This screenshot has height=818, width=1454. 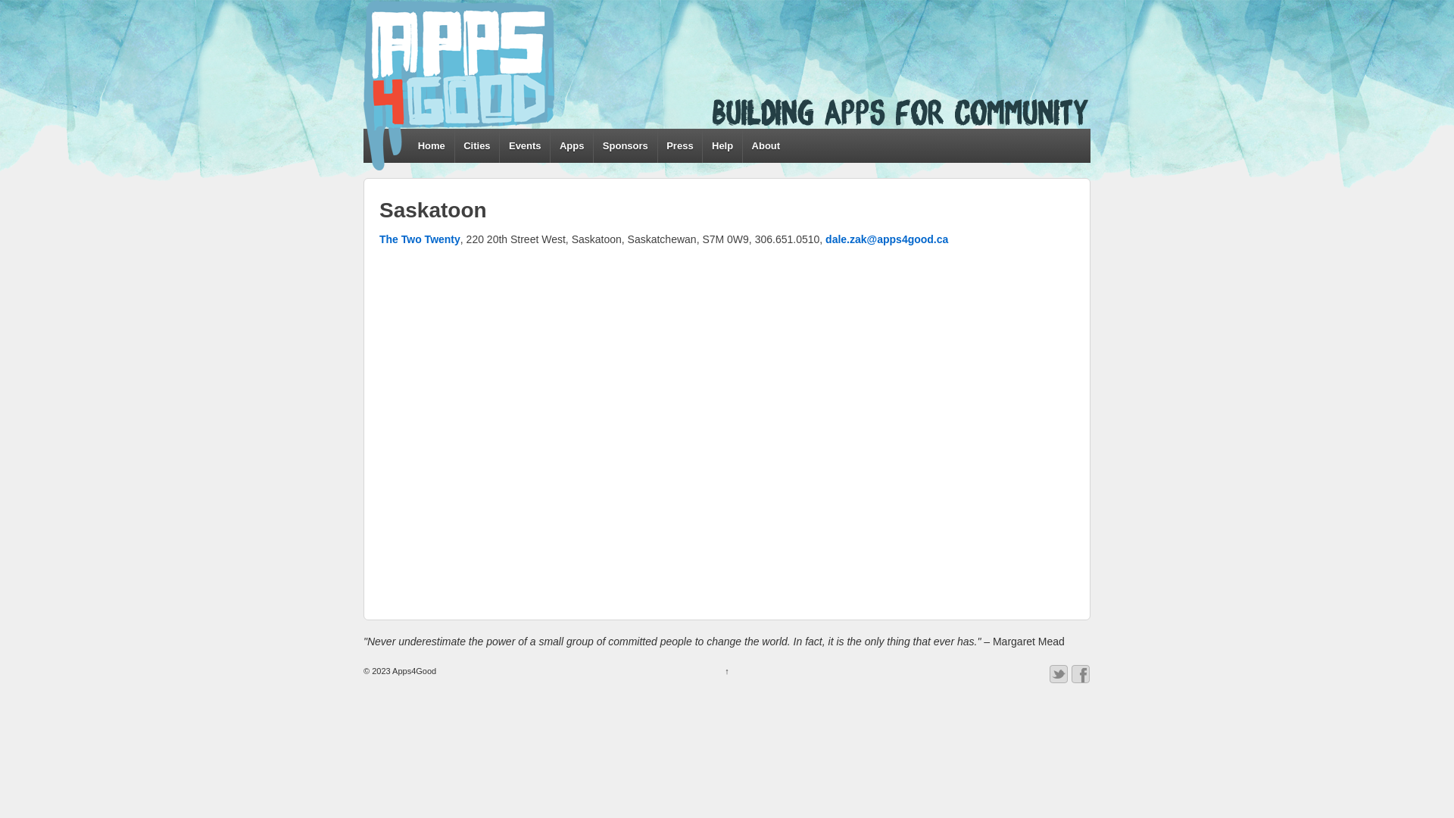 What do you see at coordinates (476, 145) in the screenshot?
I see `'Cities'` at bounding box center [476, 145].